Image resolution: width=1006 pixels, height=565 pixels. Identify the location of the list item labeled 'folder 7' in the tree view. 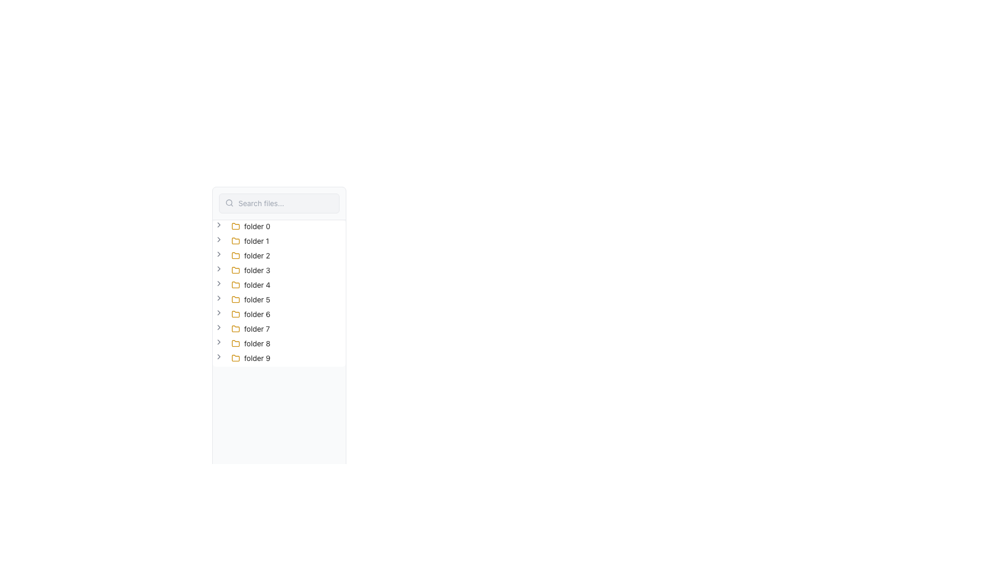
(250, 328).